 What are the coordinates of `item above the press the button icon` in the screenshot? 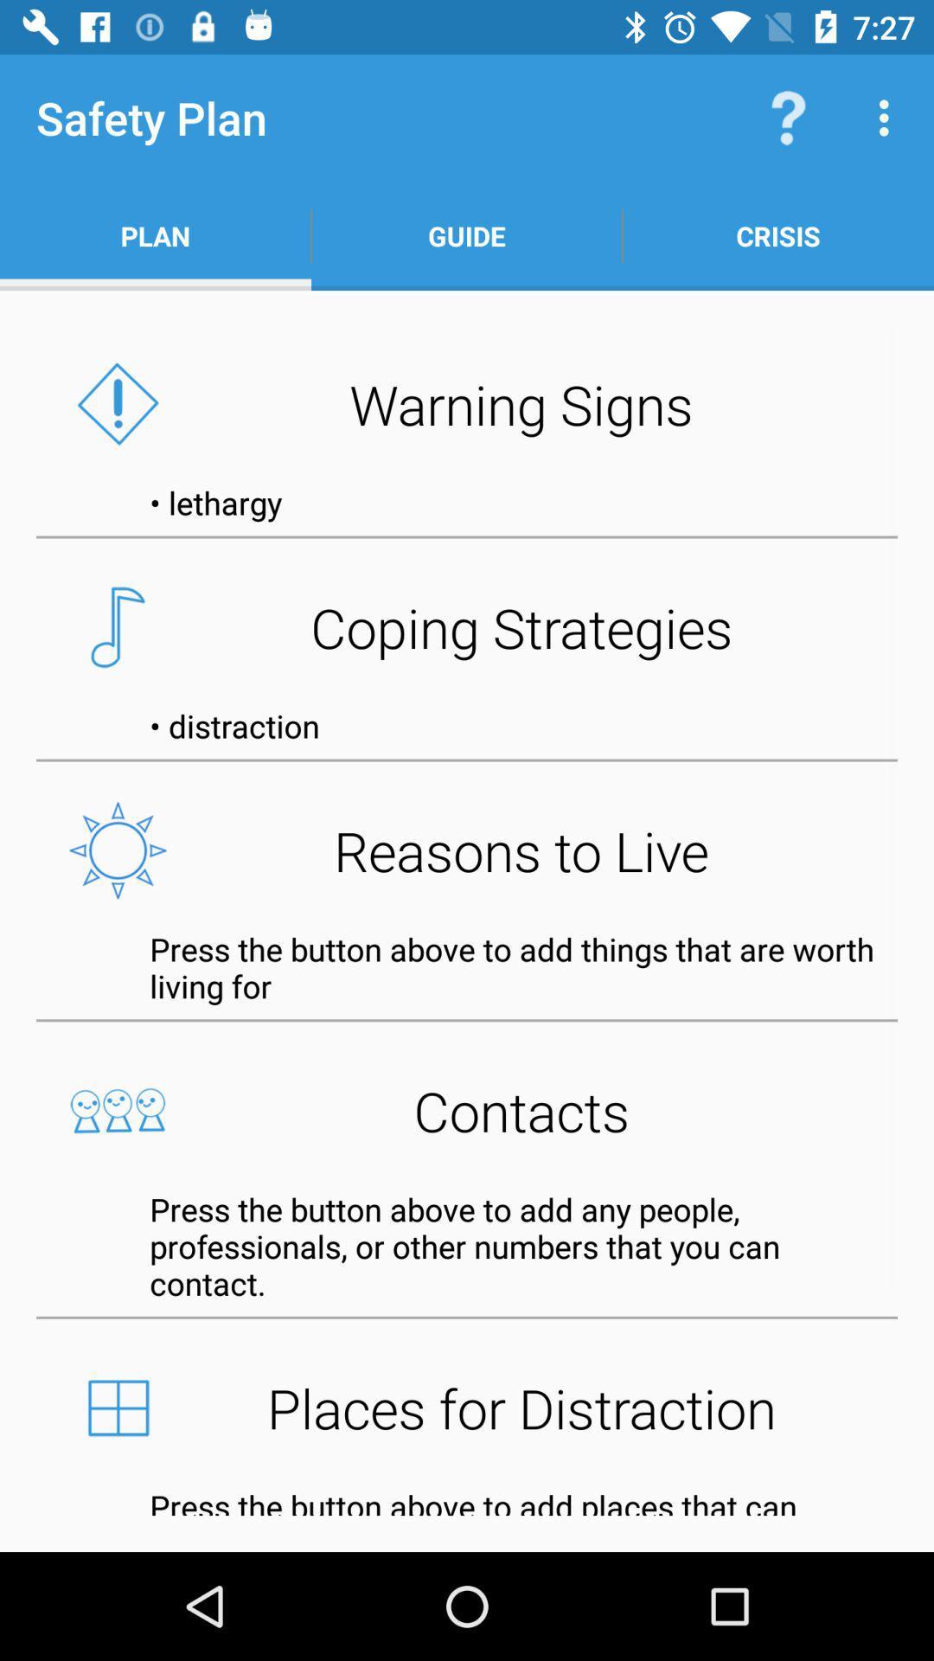 It's located at (467, 850).